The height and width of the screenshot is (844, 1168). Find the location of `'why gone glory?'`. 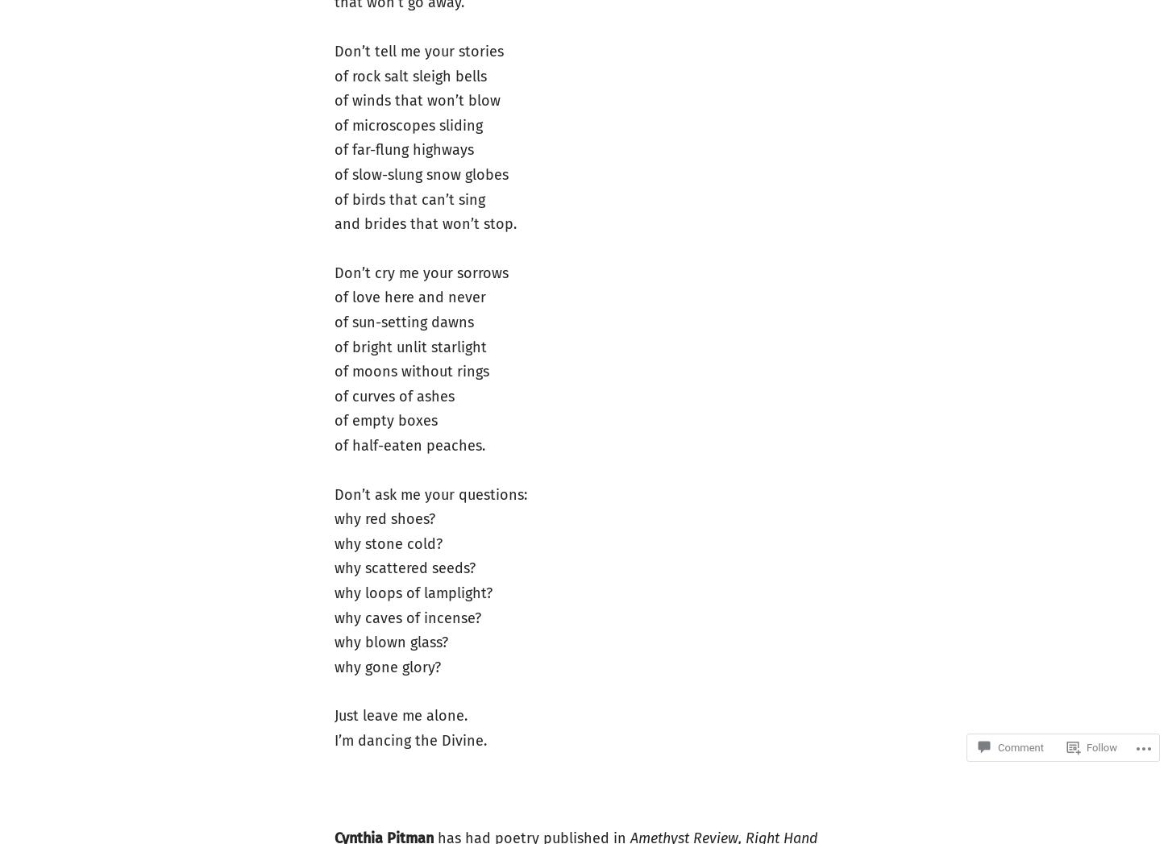

'why gone glory?' is located at coordinates (387, 667).